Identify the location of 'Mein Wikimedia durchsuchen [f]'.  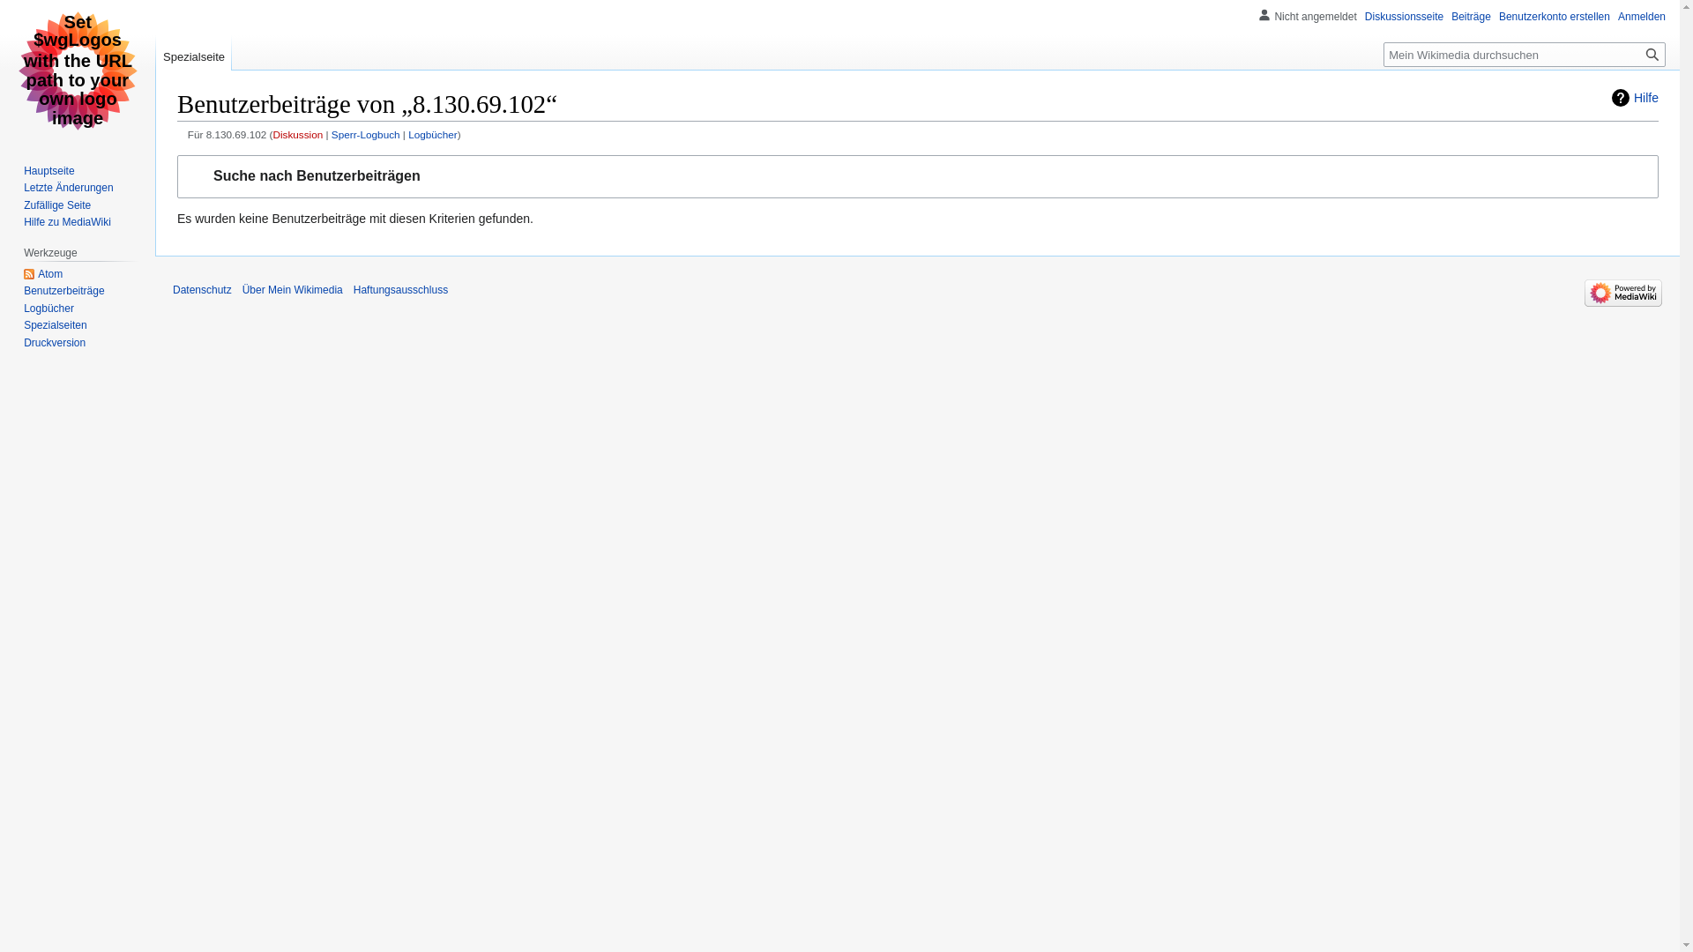
(1523, 53).